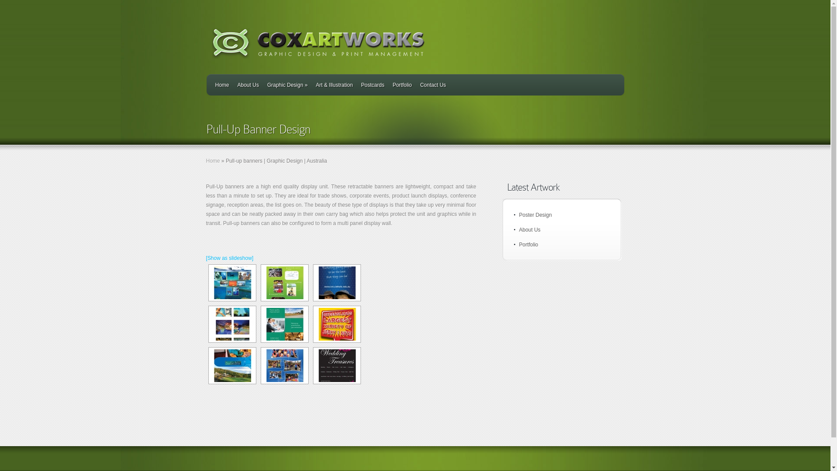 Image resolution: width=837 pixels, height=471 pixels. I want to click on '[Show as slideshow]', so click(229, 257).